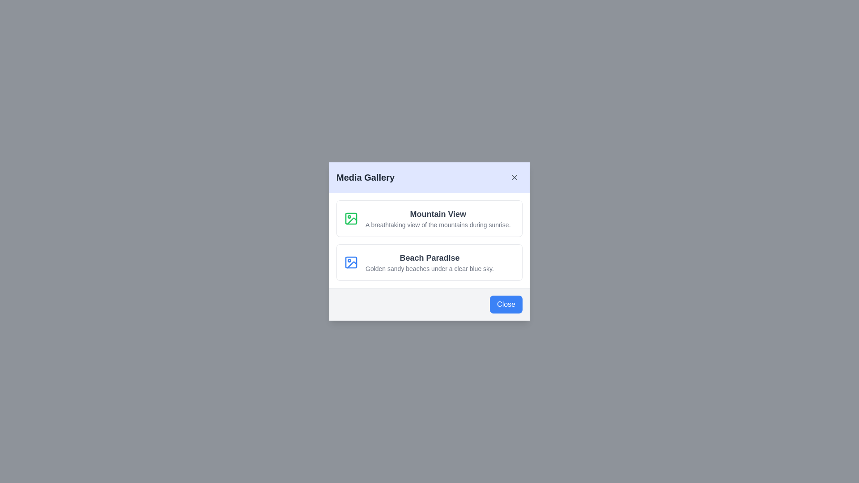 This screenshot has height=483, width=859. Describe the element at coordinates (351, 219) in the screenshot. I see `the icon of the media item corresponding to Mountain View` at that location.